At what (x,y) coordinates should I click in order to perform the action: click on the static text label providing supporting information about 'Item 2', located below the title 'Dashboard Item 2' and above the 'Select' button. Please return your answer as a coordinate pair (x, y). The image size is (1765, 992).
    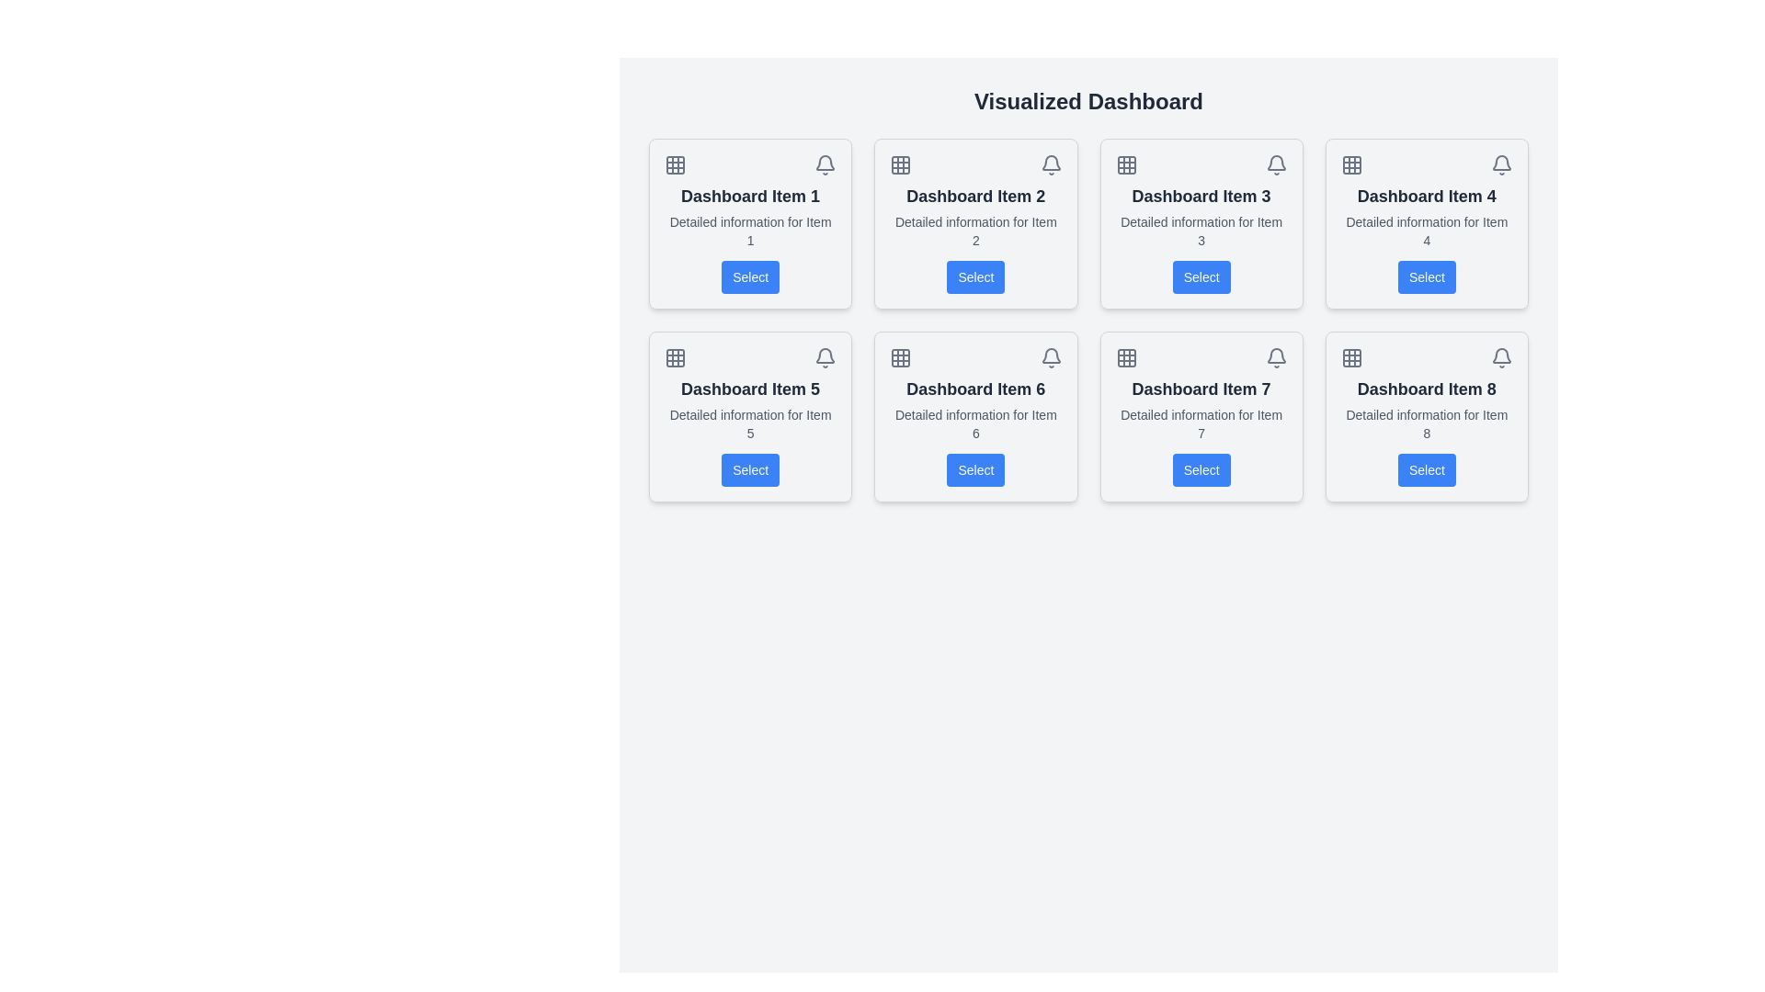
    Looking at the image, I should click on (974, 230).